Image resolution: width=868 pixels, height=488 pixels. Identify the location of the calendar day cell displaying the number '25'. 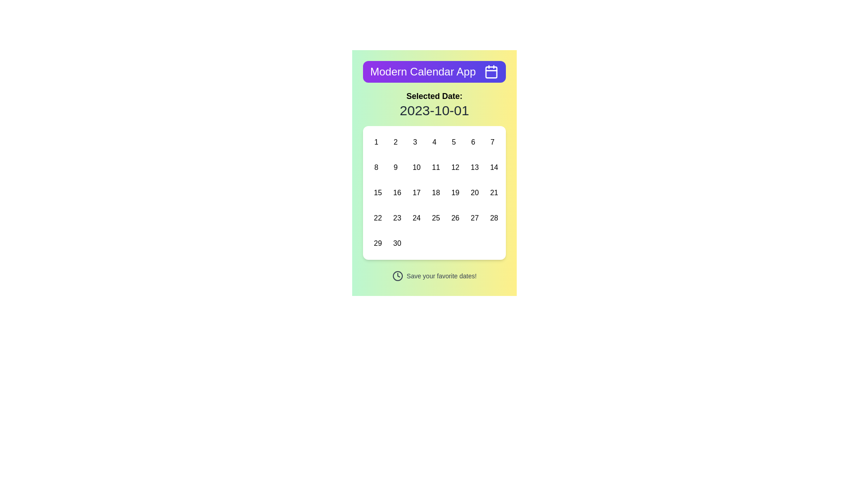
(434, 218).